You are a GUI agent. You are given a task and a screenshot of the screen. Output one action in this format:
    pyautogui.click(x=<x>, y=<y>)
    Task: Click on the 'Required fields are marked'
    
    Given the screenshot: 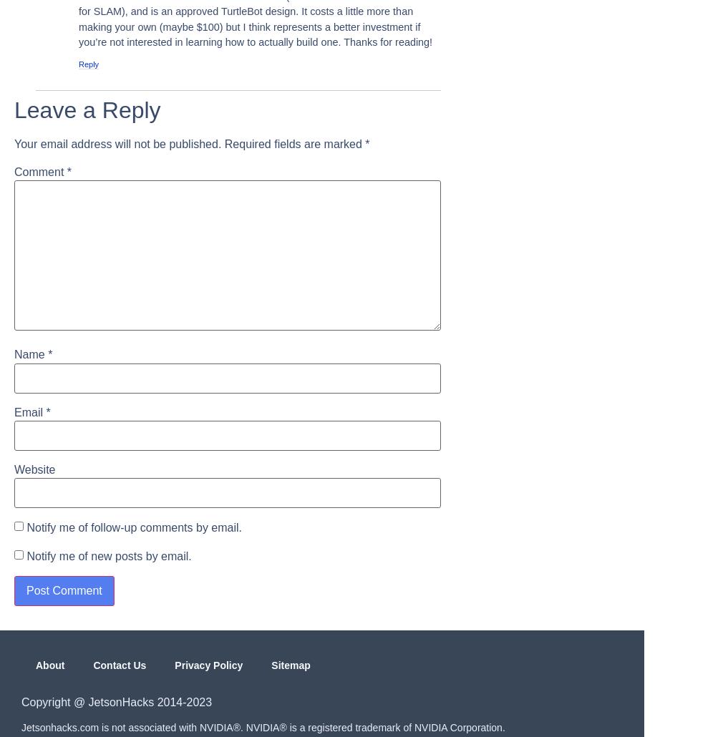 What is the action you would take?
    pyautogui.click(x=223, y=143)
    